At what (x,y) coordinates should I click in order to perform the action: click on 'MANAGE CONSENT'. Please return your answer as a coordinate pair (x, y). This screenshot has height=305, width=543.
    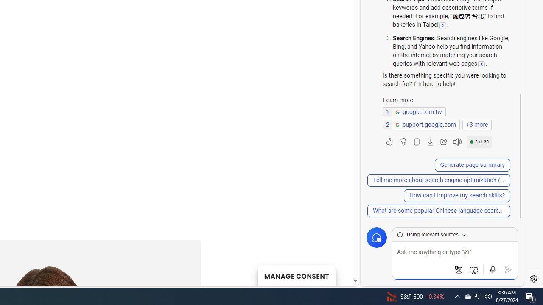
    Looking at the image, I should click on (296, 275).